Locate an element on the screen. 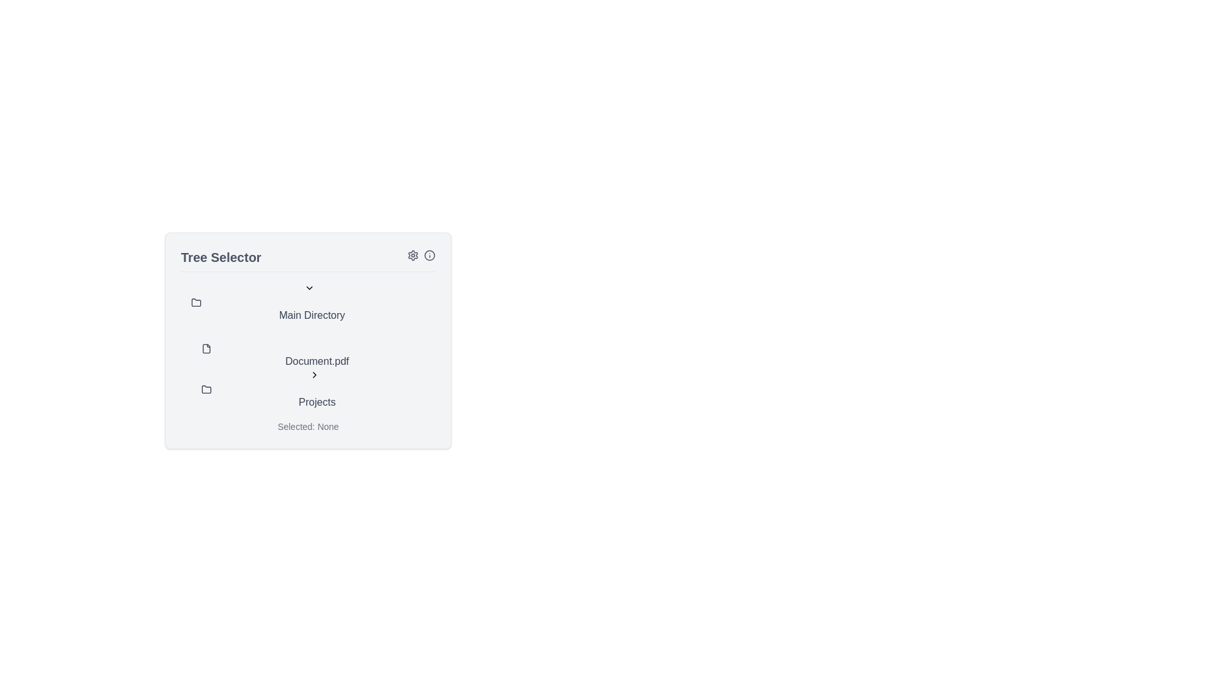  the settings icon in the 'Tree Selector' interface located in the top-right corner beside a red icon is located at coordinates (413, 255).